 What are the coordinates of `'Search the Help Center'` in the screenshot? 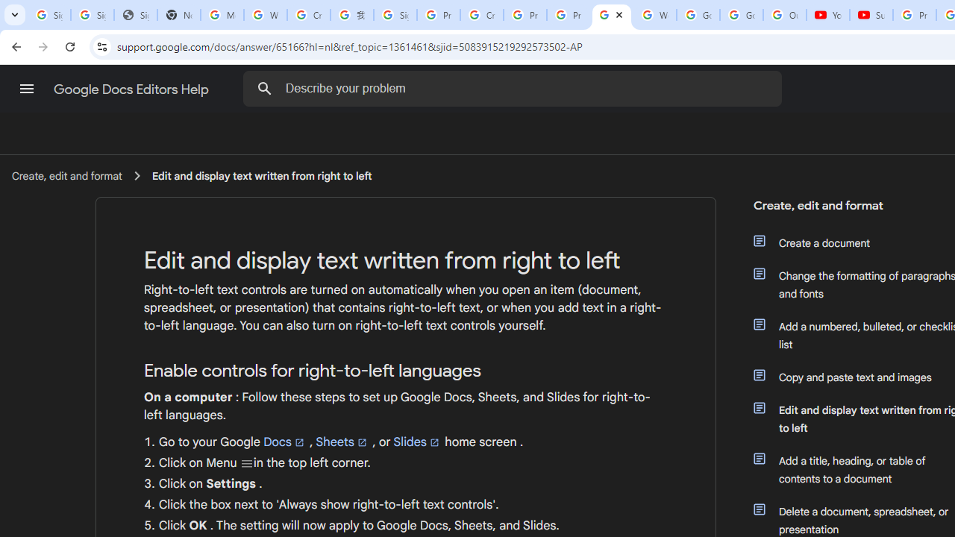 It's located at (264, 88).